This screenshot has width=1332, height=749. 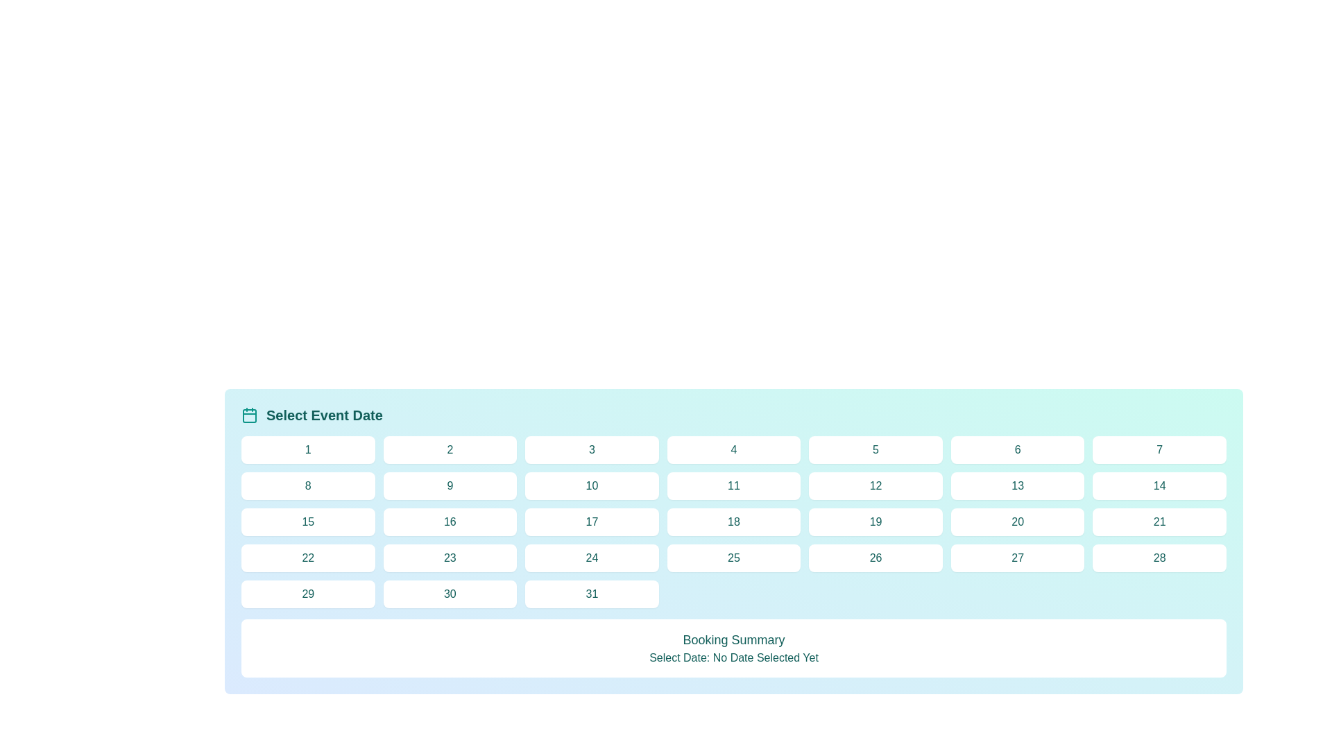 What do you see at coordinates (592, 485) in the screenshot?
I see `the button displaying the number '10' with a white background and green text, located in the second row and third column of the grid` at bounding box center [592, 485].